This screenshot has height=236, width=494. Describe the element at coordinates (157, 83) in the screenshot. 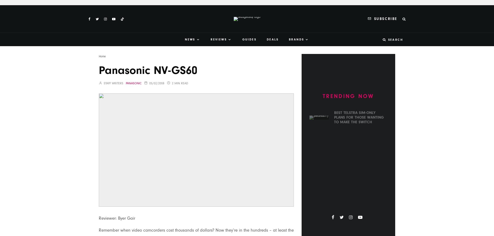

I see `'05/02/2008'` at that location.